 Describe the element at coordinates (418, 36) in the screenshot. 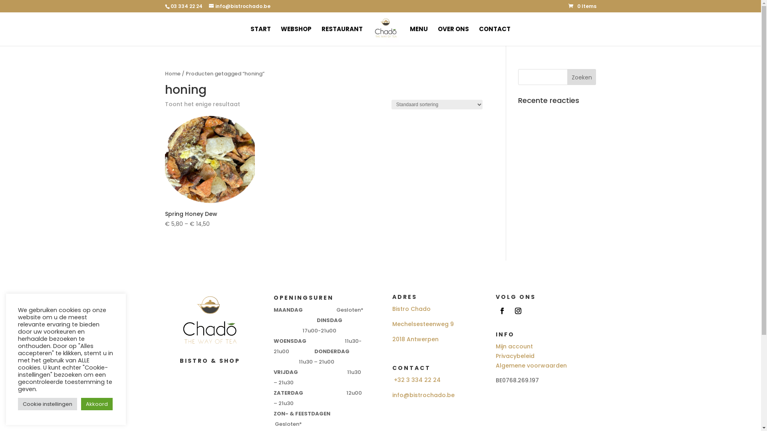

I see `'MENU'` at that location.